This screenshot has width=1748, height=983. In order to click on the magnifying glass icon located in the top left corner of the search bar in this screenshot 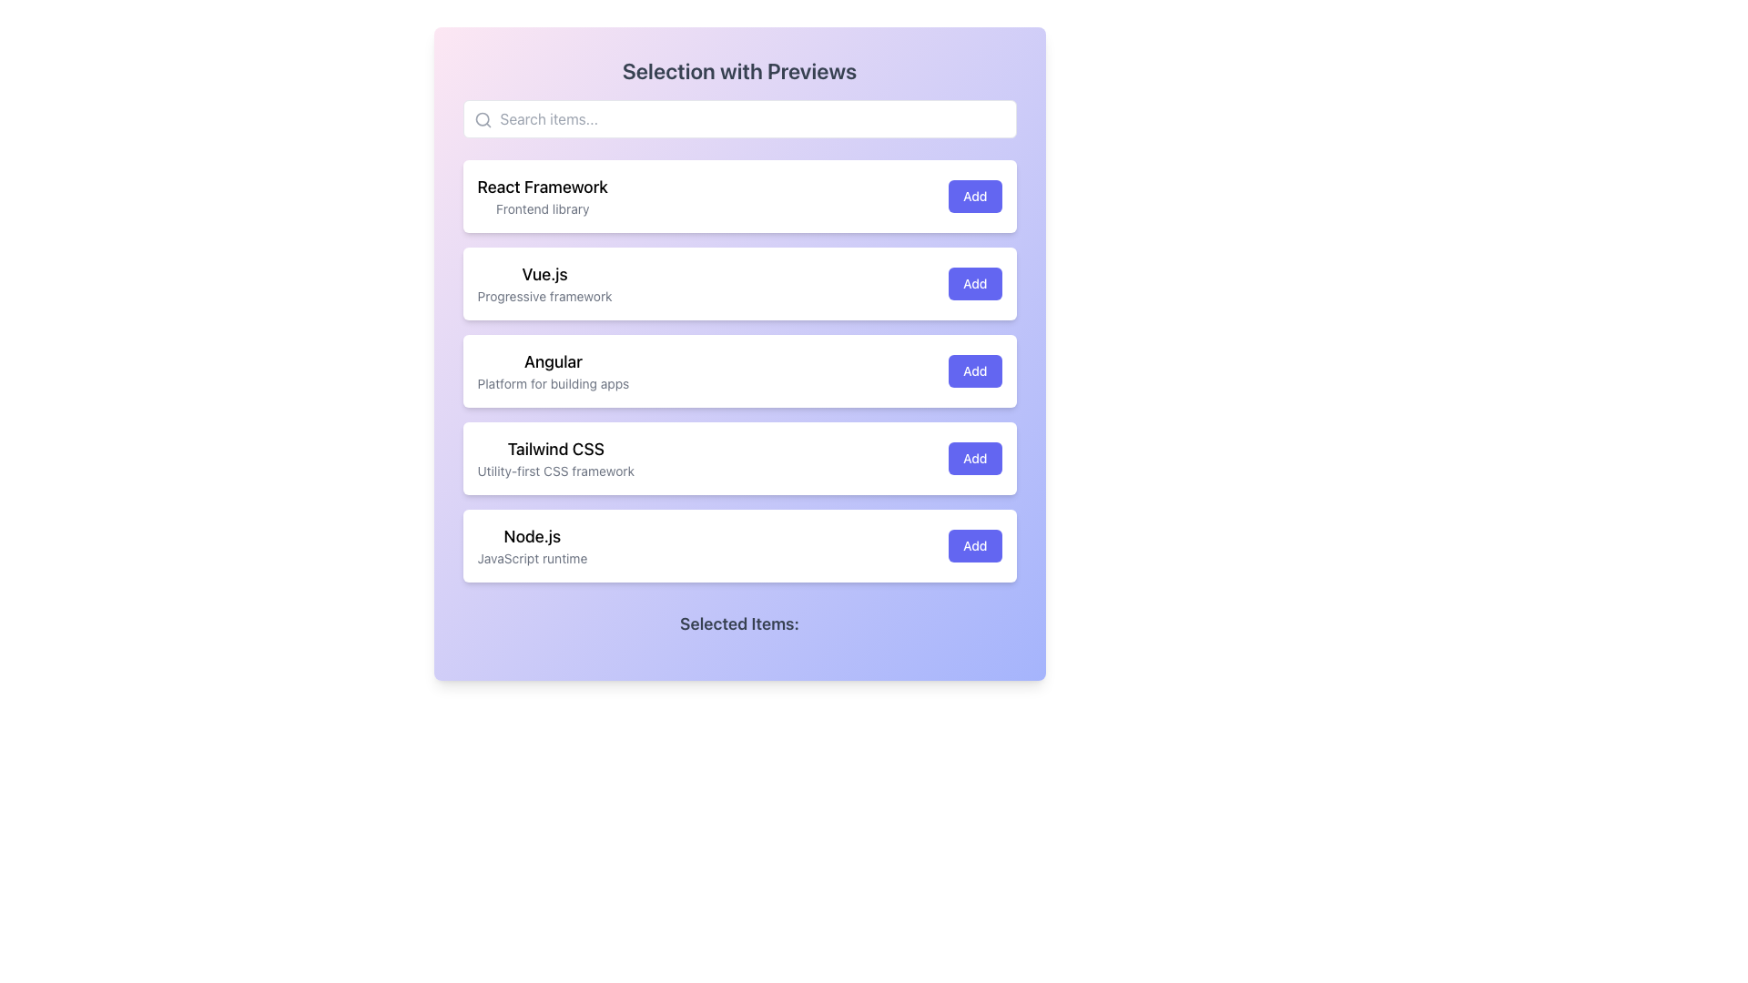, I will do `click(483, 119)`.